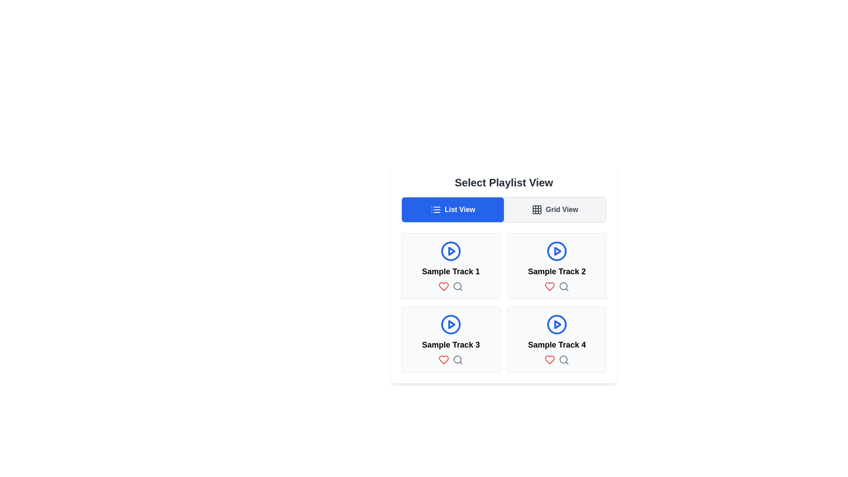 The height and width of the screenshot is (477, 848). What do you see at coordinates (536, 209) in the screenshot?
I see `the grid view selection icon located in the top-right section of the interface, next to the 'List View' button` at bounding box center [536, 209].